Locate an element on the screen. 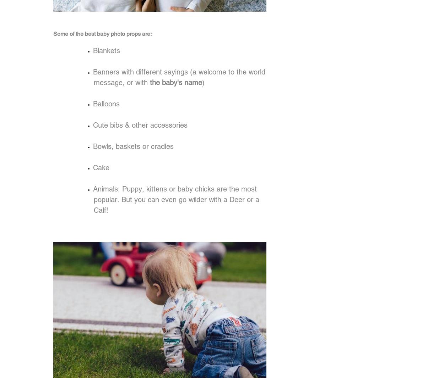  'Cute bibs & other accessories' is located at coordinates (93, 125).